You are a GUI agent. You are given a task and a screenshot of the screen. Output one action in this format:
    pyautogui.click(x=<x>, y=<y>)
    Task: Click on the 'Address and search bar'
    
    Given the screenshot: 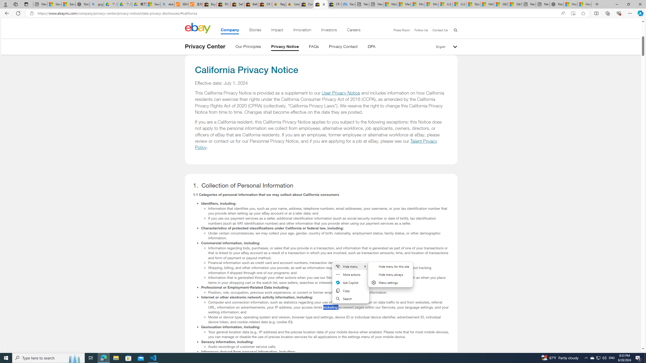 What is the action you would take?
    pyautogui.click(x=297, y=13)
    